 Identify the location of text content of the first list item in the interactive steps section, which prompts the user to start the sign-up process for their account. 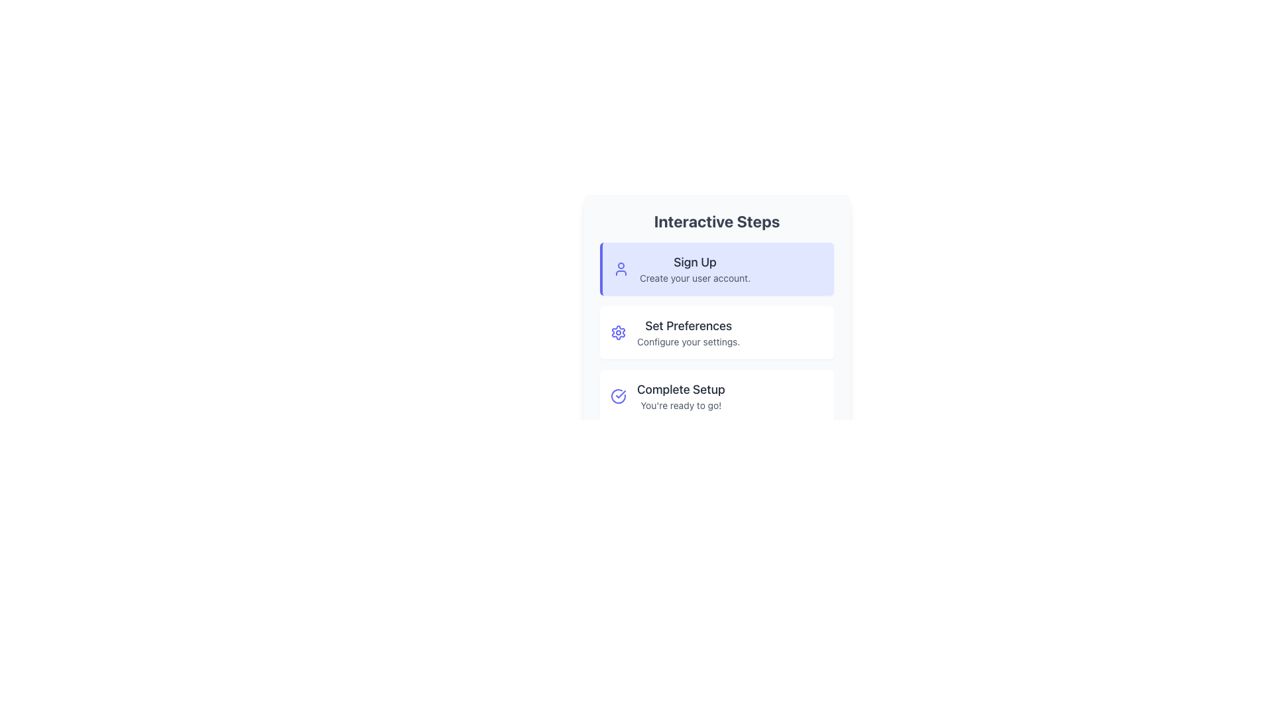
(716, 268).